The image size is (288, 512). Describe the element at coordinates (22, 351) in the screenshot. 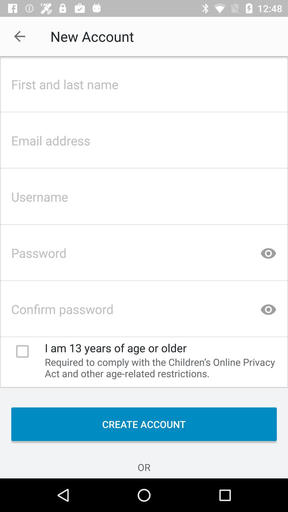

I see `check box` at that location.